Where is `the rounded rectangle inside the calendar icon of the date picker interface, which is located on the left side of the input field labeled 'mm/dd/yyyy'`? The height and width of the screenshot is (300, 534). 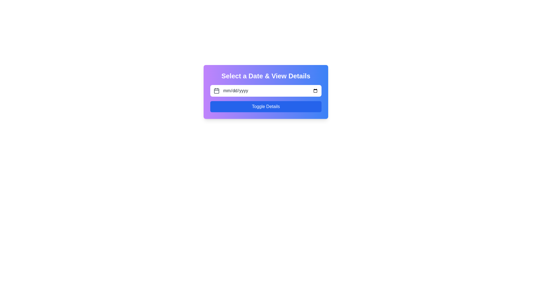 the rounded rectangle inside the calendar icon of the date picker interface, which is located on the left side of the input field labeled 'mm/dd/yyyy' is located at coordinates (216, 91).